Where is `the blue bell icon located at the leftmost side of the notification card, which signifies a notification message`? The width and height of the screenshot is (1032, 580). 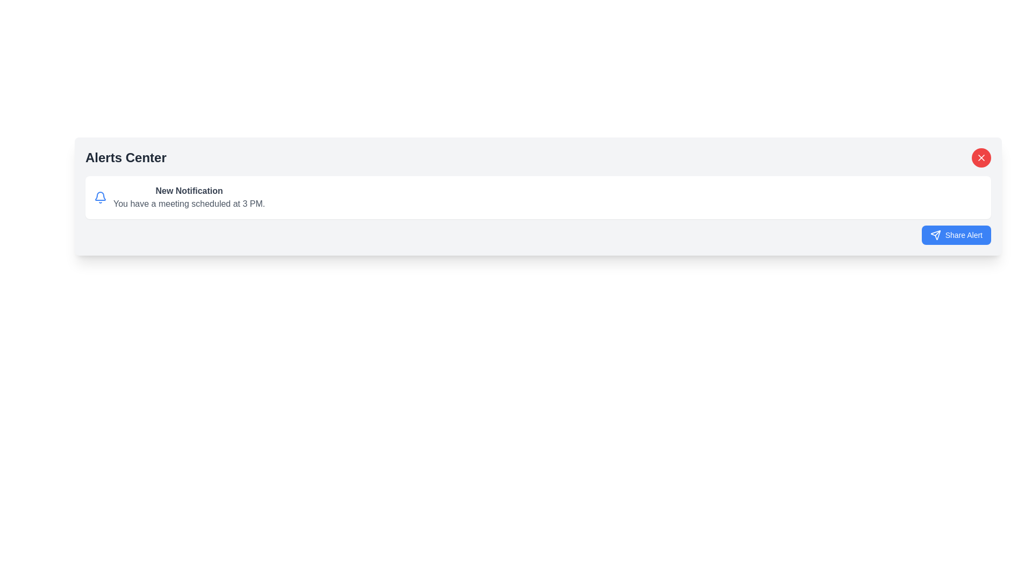 the blue bell icon located at the leftmost side of the notification card, which signifies a notification message is located at coordinates (101, 197).